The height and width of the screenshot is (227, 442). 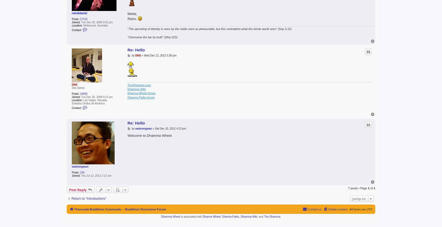 What do you see at coordinates (83, 25) in the screenshot?
I see `'Melbourne, Australia'` at bounding box center [83, 25].